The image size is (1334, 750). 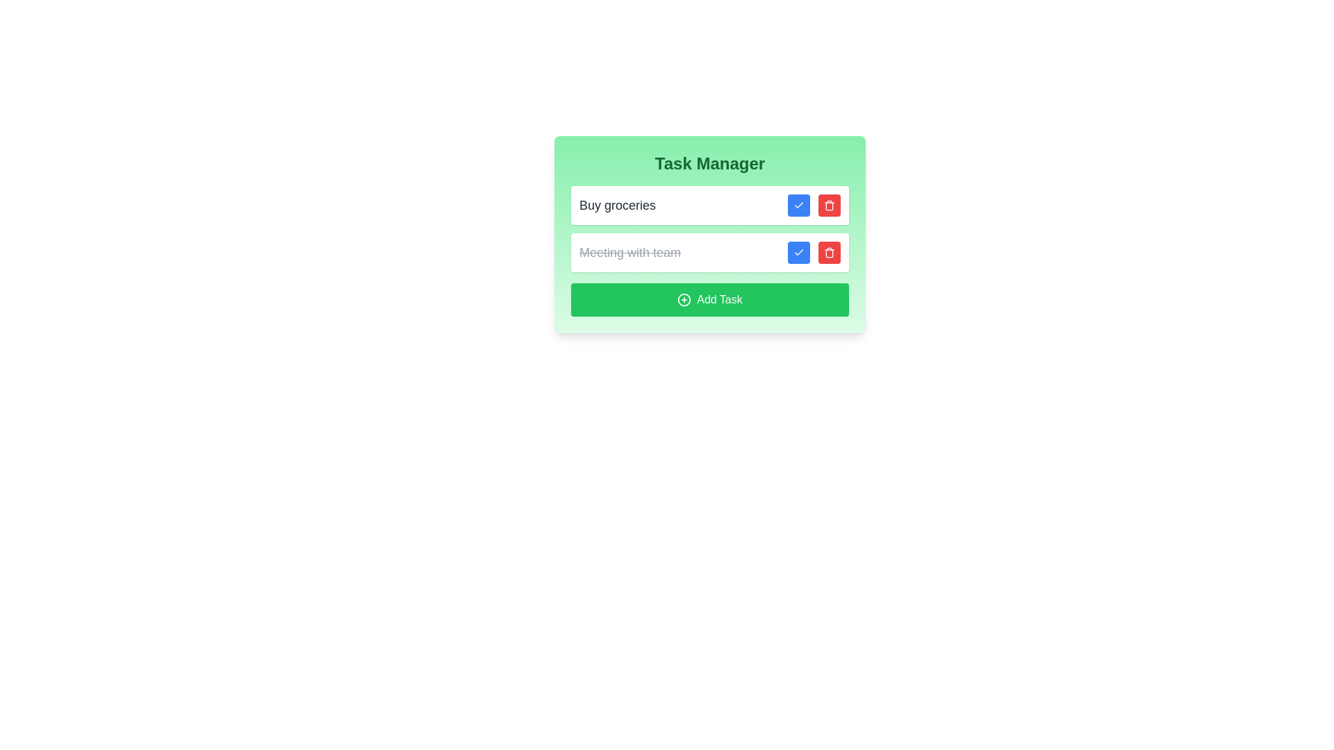 I want to click on the 'Add Task' button, which is a vibrant green rectangular button with white text and a circular plus icon, located at the bottom of the task management interface, so click(x=710, y=299).